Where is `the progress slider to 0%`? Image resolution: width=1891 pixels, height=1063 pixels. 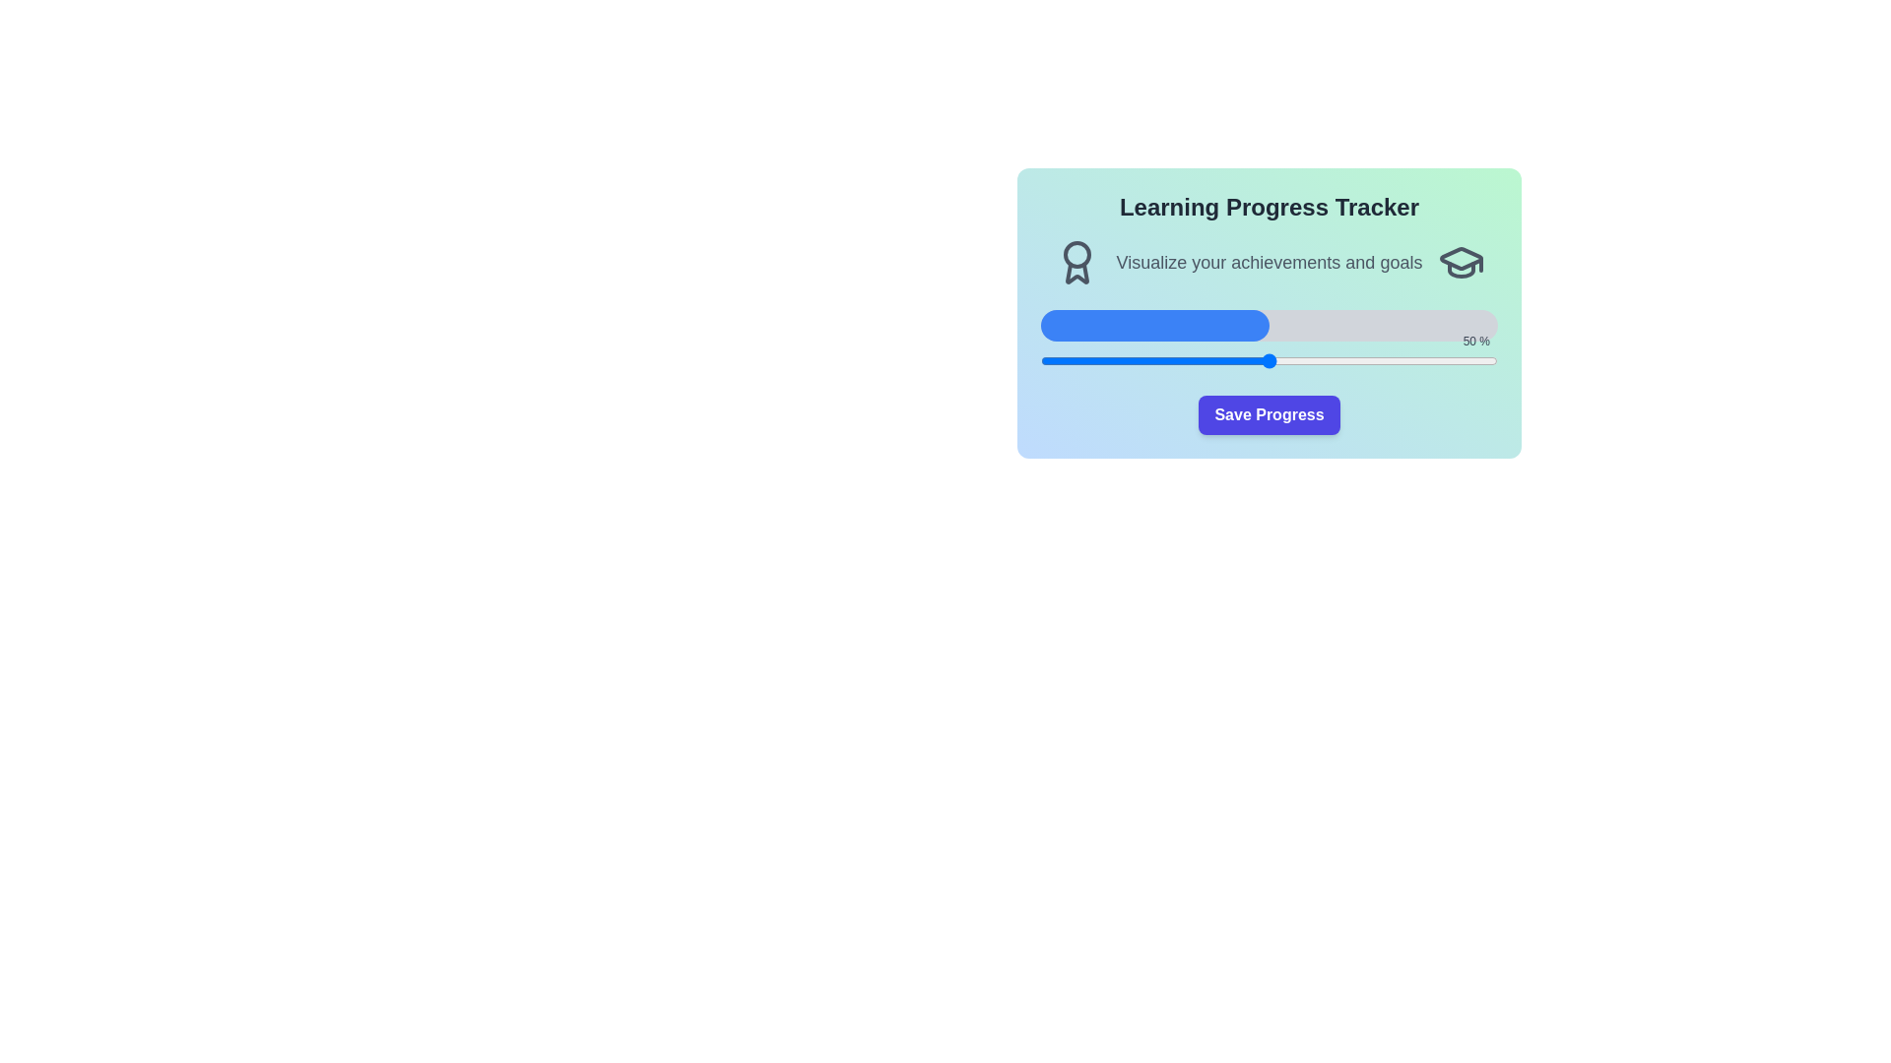 the progress slider to 0% is located at coordinates (1039, 360).